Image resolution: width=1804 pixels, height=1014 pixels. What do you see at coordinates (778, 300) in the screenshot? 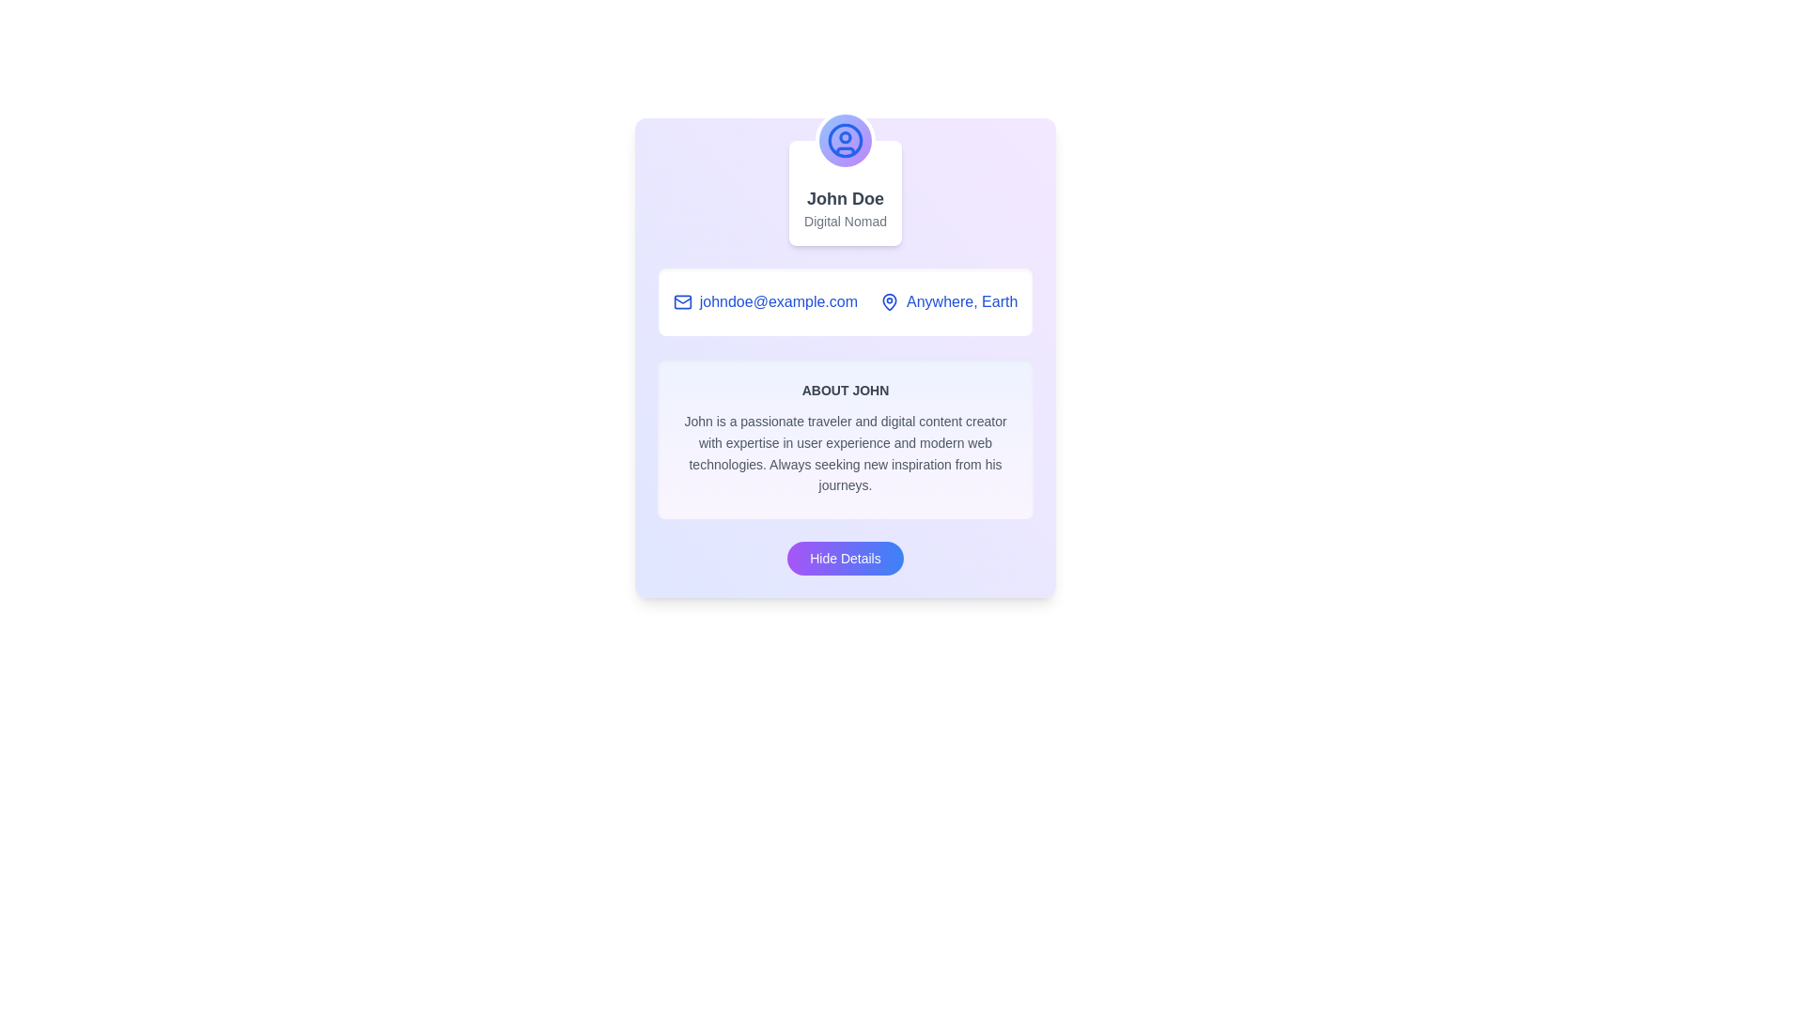
I see `the static text displaying an email address, which is located below the 'John Doe' heading and to the right of an envelope icon` at bounding box center [778, 300].